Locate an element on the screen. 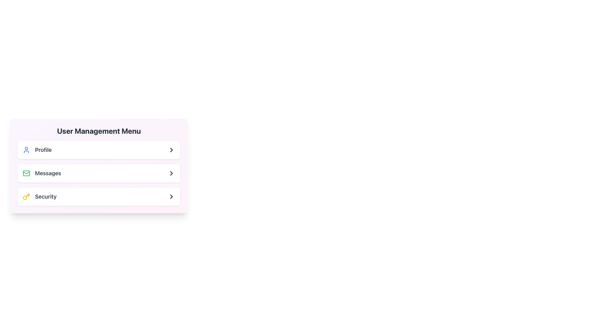 Image resolution: width=590 pixels, height=332 pixels. the right-facing chevron icon located at the extreme right of the 'Profile' item in the 'User Management Menu' is located at coordinates (171, 150).